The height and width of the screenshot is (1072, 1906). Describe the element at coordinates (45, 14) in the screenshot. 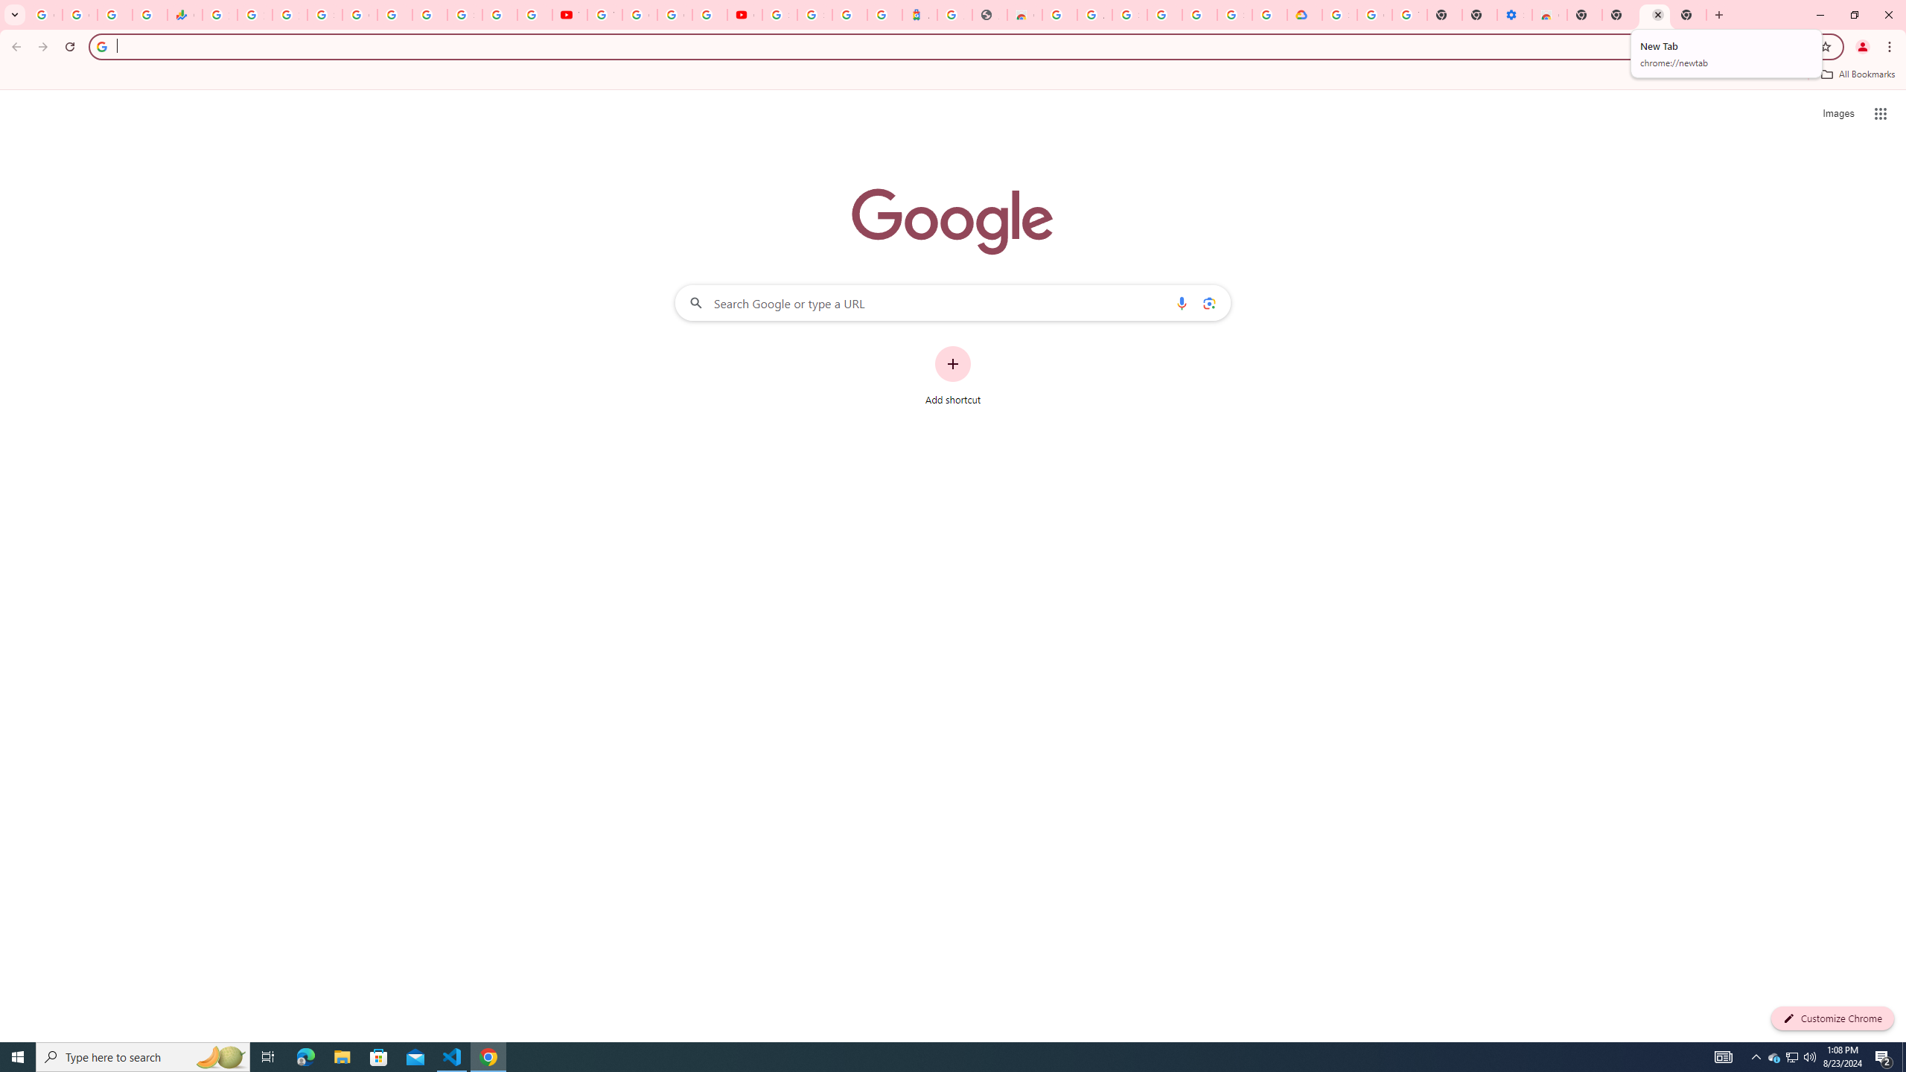

I see `'Google Workspace Admin Community'` at that location.